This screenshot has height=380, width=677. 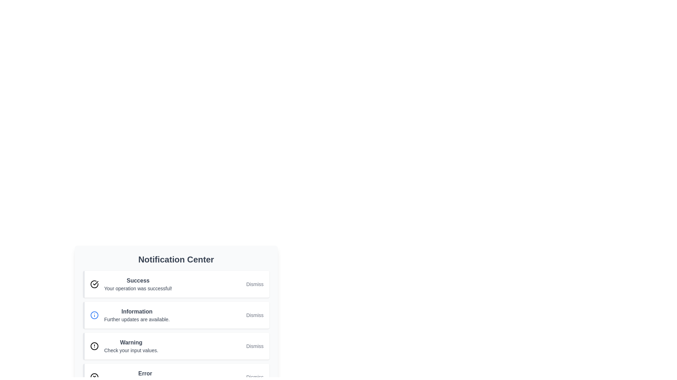 What do you see at coordinates (94, 315) in the screenshot?
I see `the information icon located within the 'Information' notification box, positioned to the left of the text` at bounding box center [94, 315].